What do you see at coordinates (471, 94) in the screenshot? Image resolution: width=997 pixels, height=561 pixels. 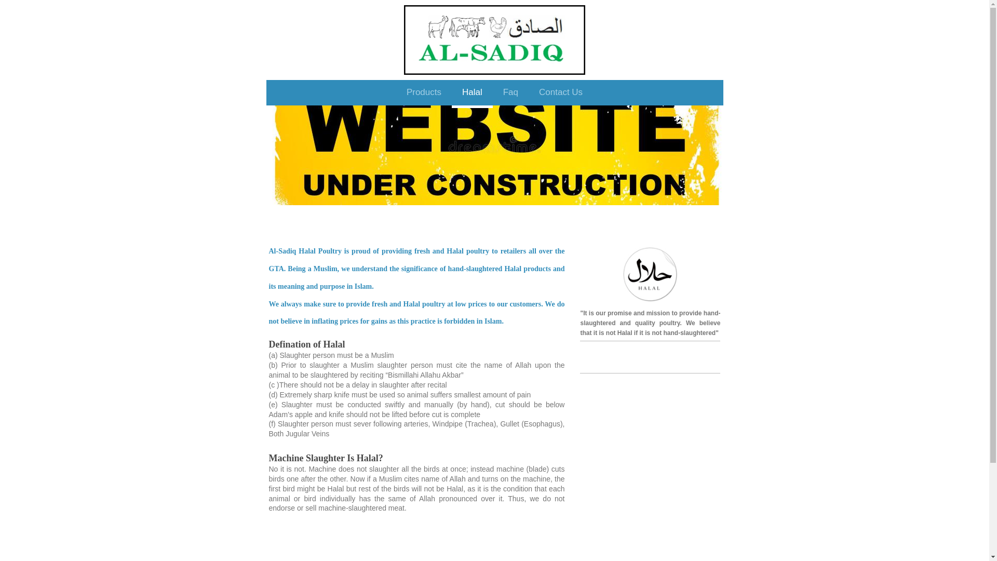 I see `'Halal'` at bounding box center [471, 94].